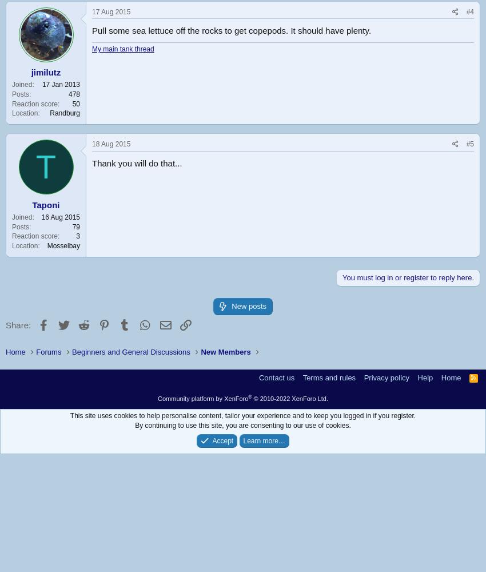  I want to click on 'My main tank thread', so click(122, 49).